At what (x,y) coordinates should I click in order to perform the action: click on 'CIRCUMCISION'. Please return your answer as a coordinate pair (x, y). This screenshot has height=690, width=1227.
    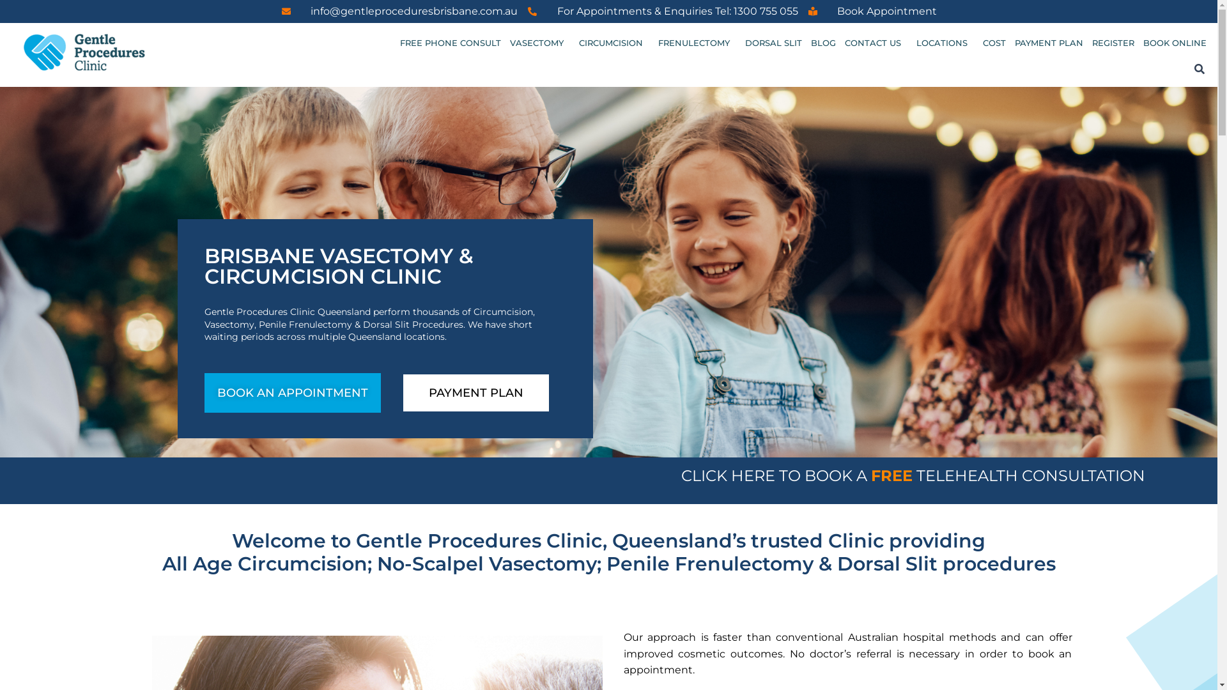
    Looking at the image, I should click on (613, 42).